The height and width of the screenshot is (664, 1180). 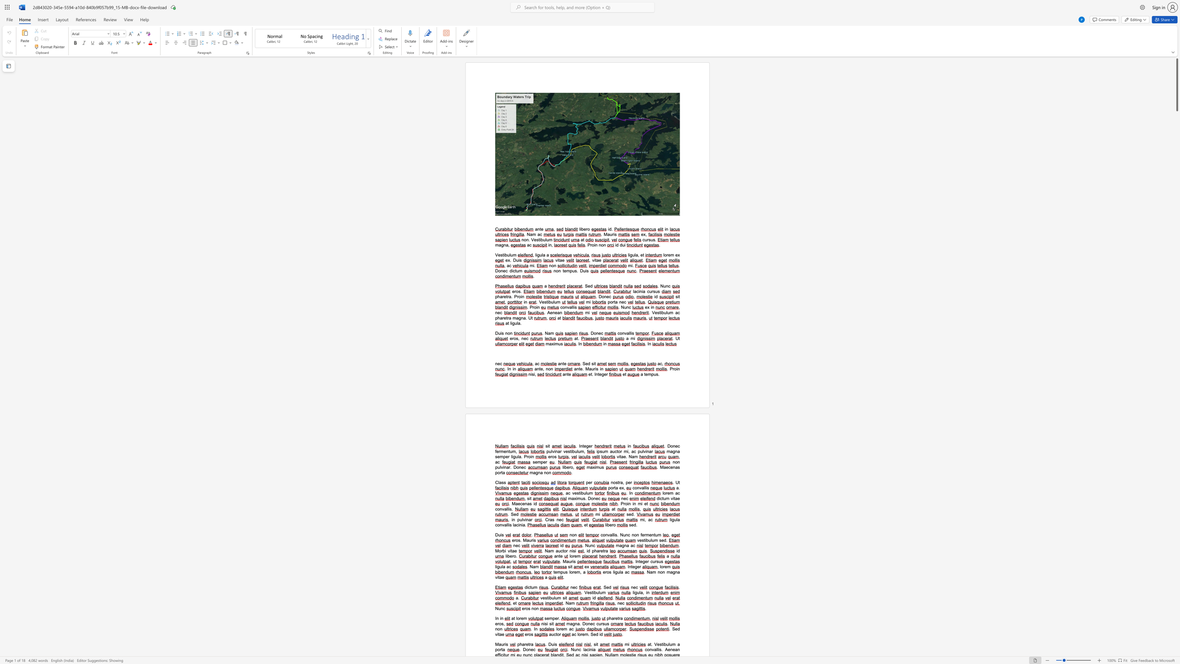 What do you see at coordinates (514, 540) in the screenshot?
I see `the space between the continuous character "e" and "r" in the text` at bounding box center [514, 540].